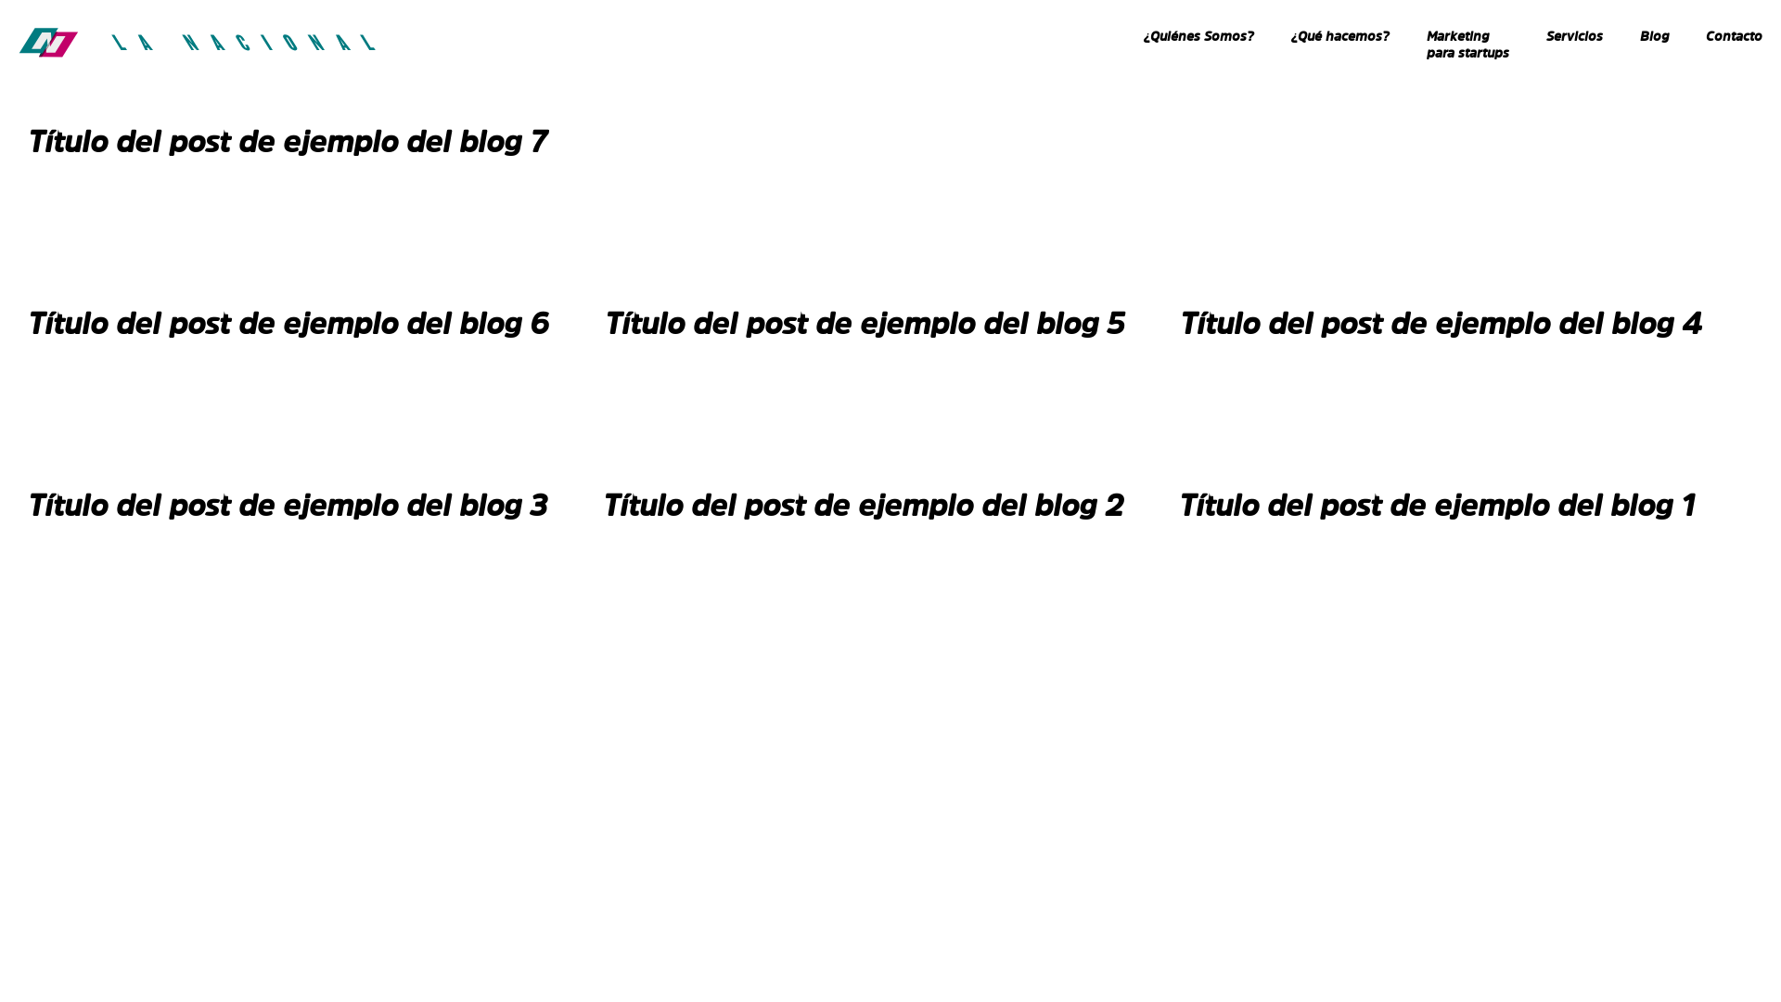  What do you see at coordinates (1654, 31) in the screenshot?
I see `'Blog'` at bounding box center [1654, 31].